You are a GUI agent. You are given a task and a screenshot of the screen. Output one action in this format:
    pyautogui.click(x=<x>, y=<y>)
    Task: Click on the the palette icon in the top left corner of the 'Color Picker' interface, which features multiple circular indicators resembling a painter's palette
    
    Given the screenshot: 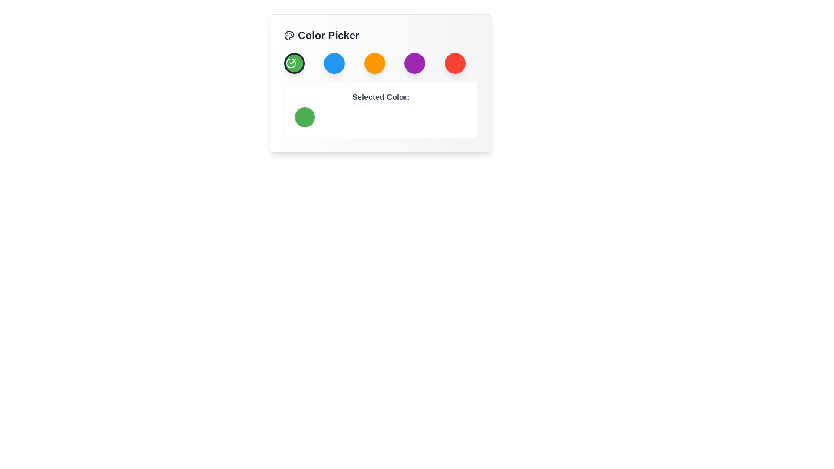 What is the action you would take?
    pyautogui.click(x=289, y=35)
    